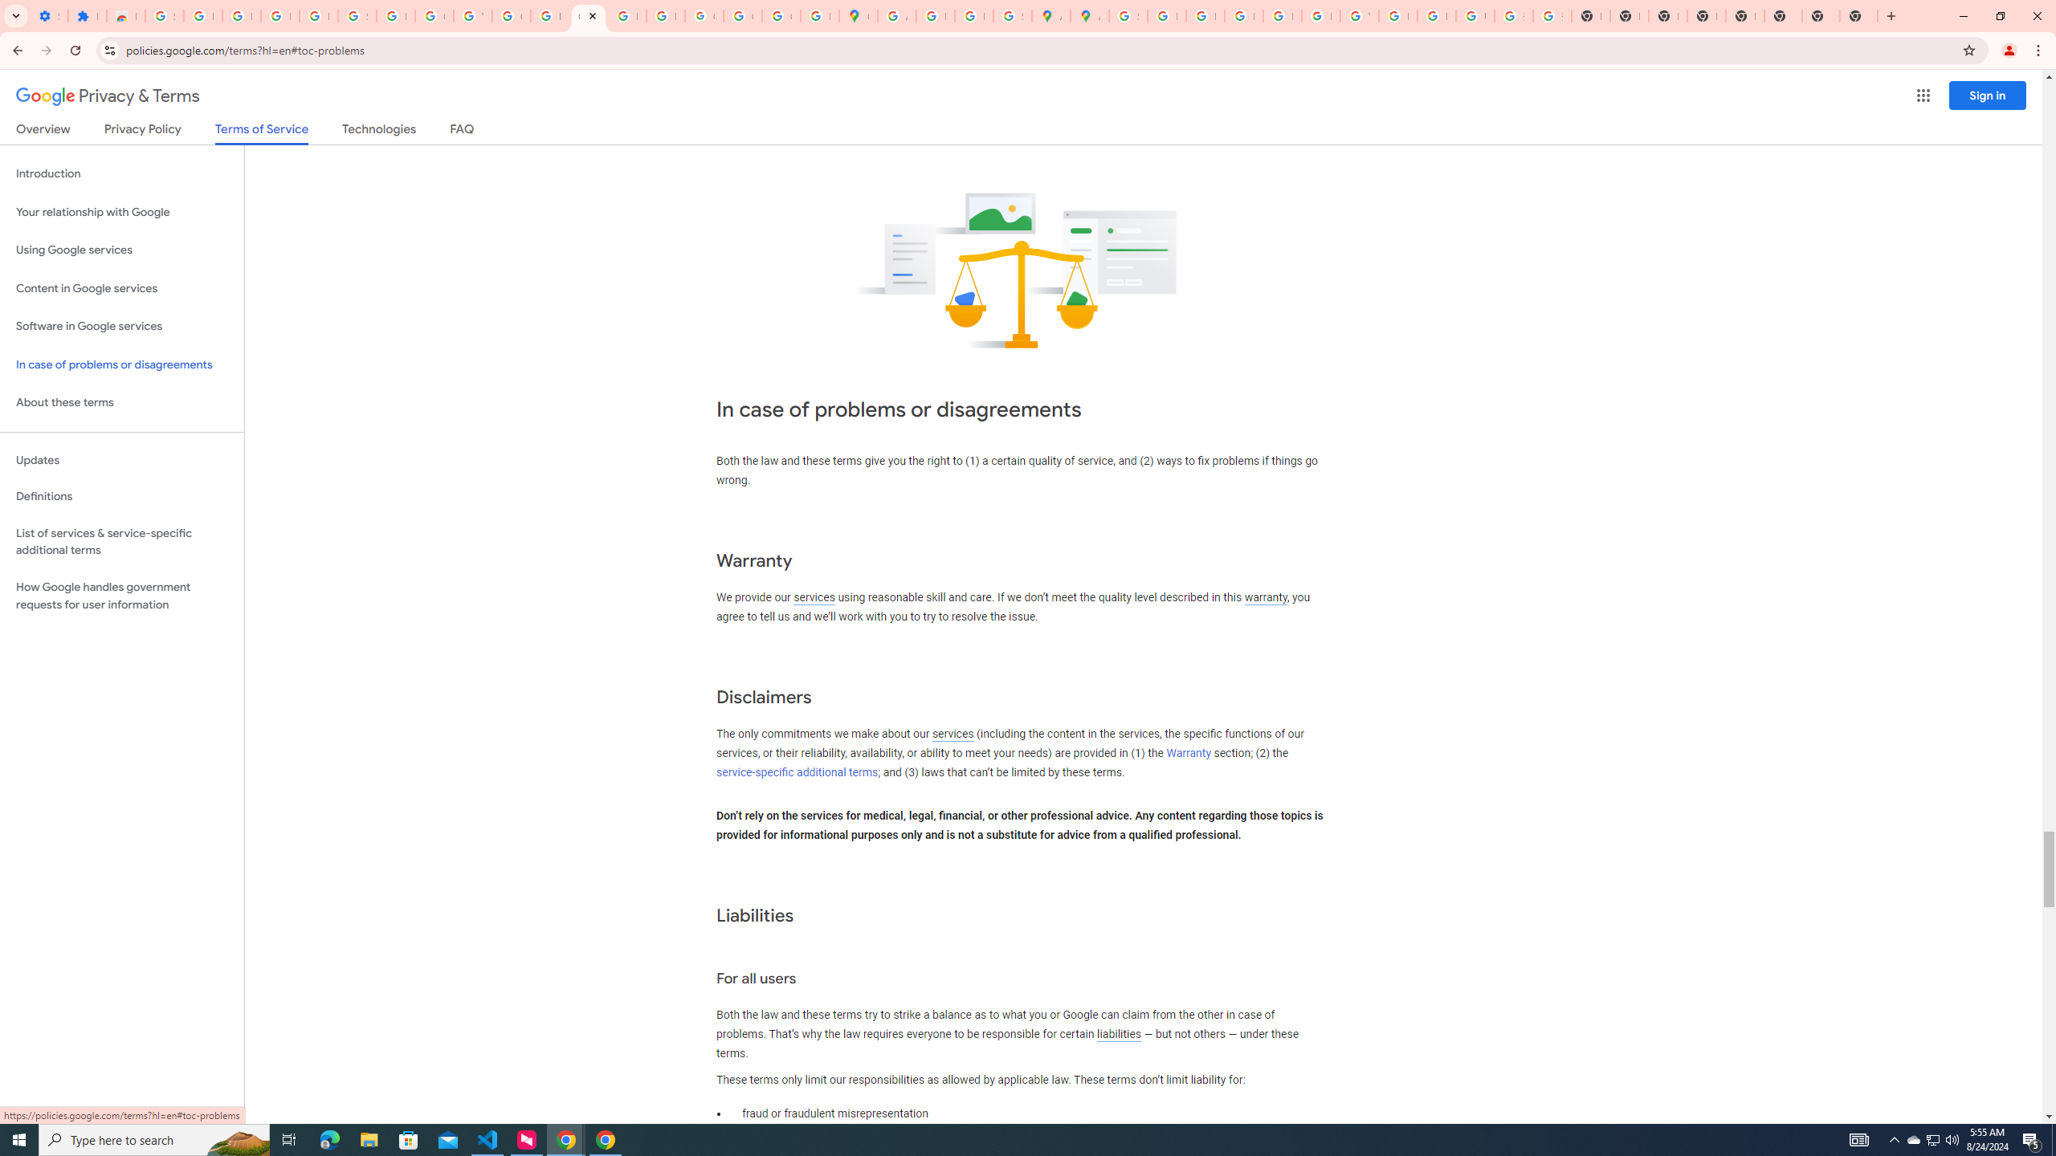 The height and width of the screenshot is (1156, 2056). I want to click on 'service-specific additional terms', so click(796, 771).